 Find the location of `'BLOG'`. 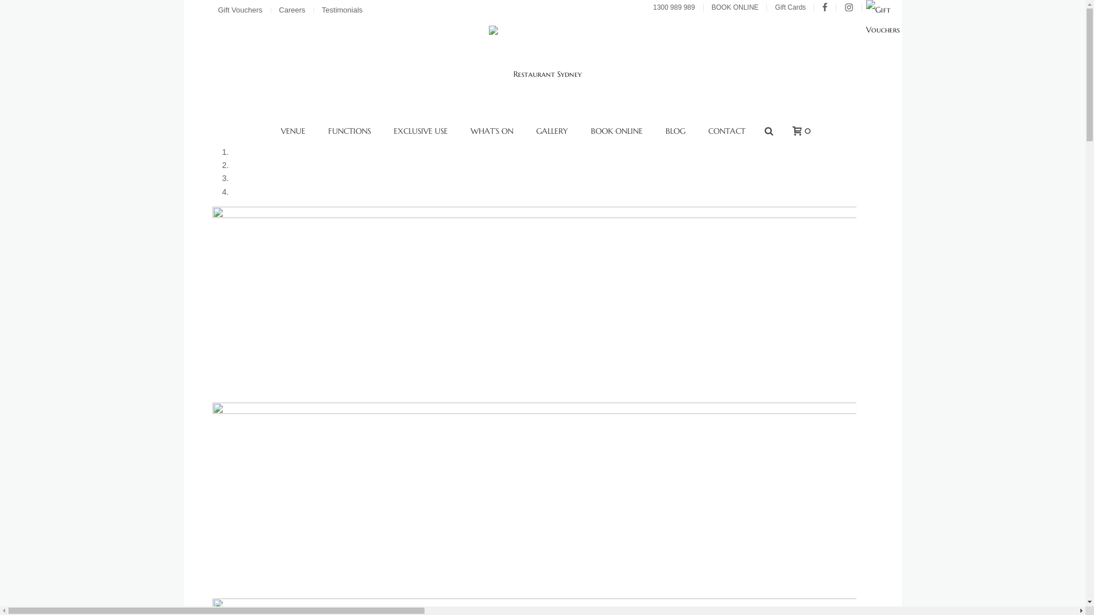

'BLOG' is located at coordinates (675, 130).